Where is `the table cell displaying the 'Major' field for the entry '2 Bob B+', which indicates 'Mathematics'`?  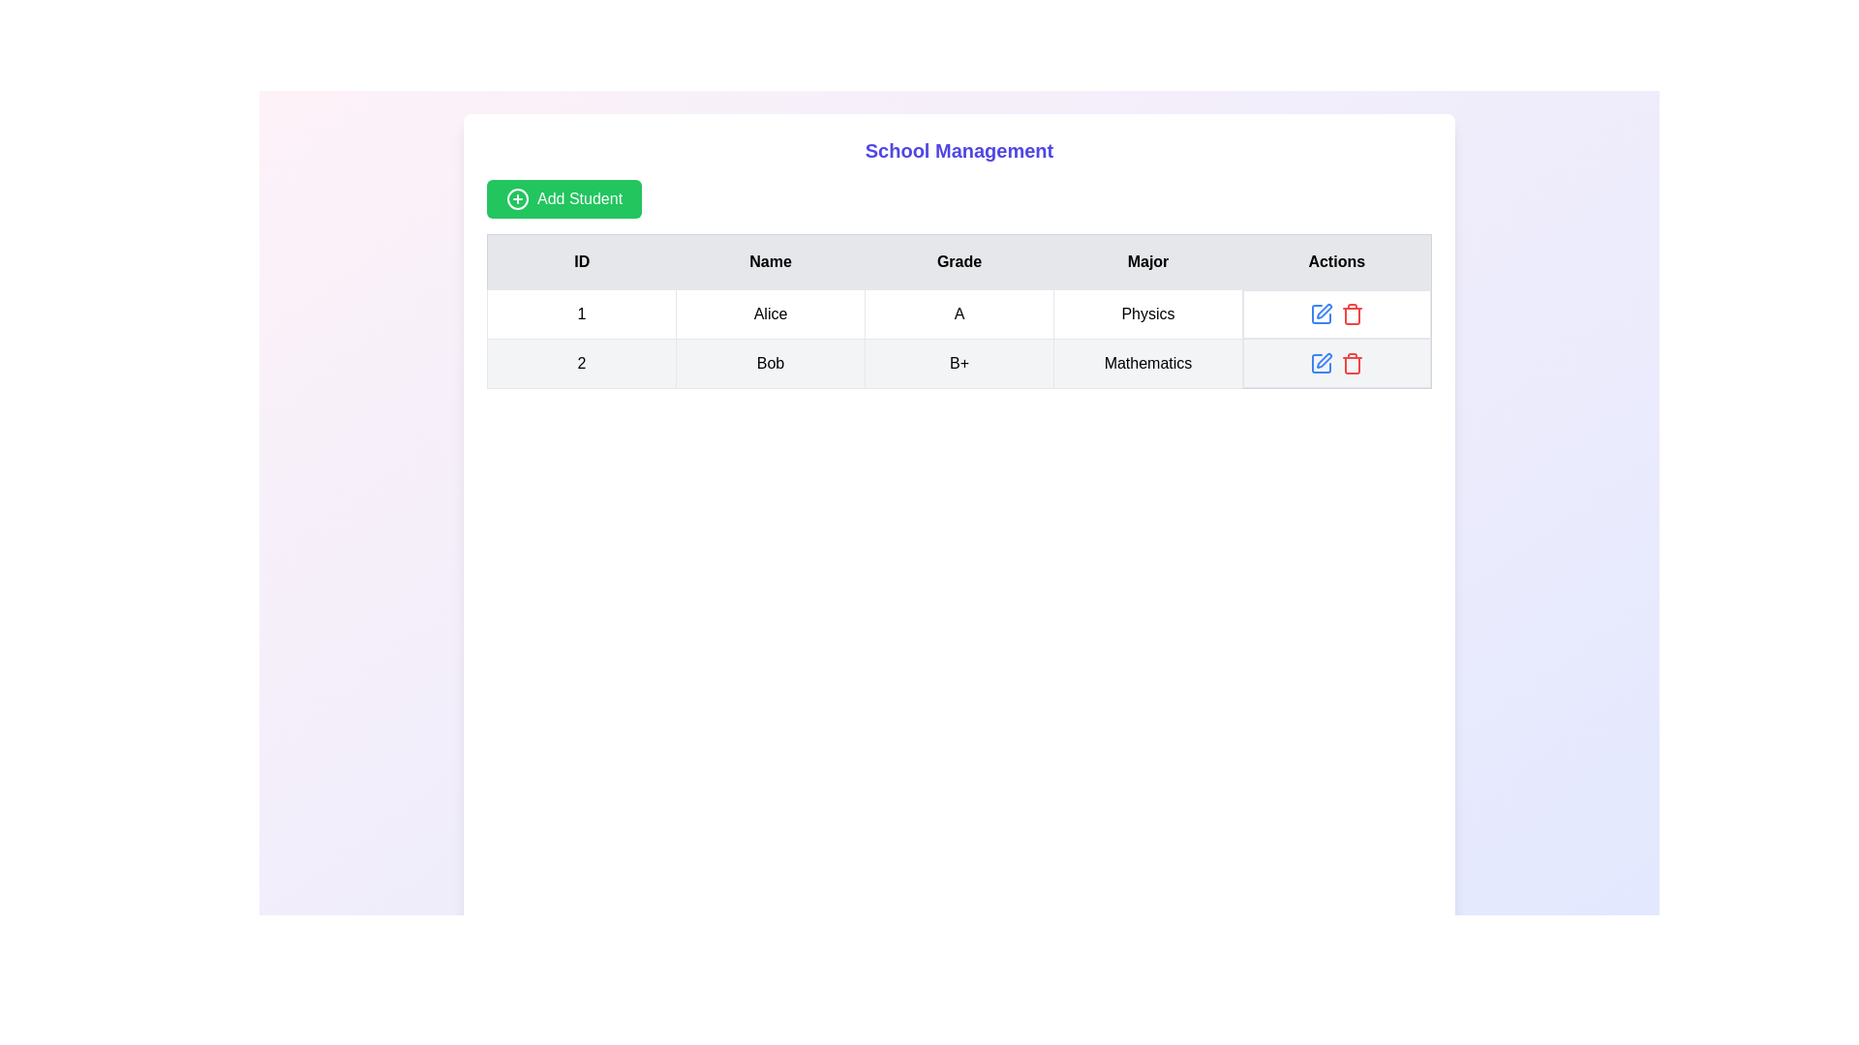
the table cell displaying the 'Major' field for the entry '2 Bob B+', which indicates 'Mathematics' is located at coordinates (1147, 362).